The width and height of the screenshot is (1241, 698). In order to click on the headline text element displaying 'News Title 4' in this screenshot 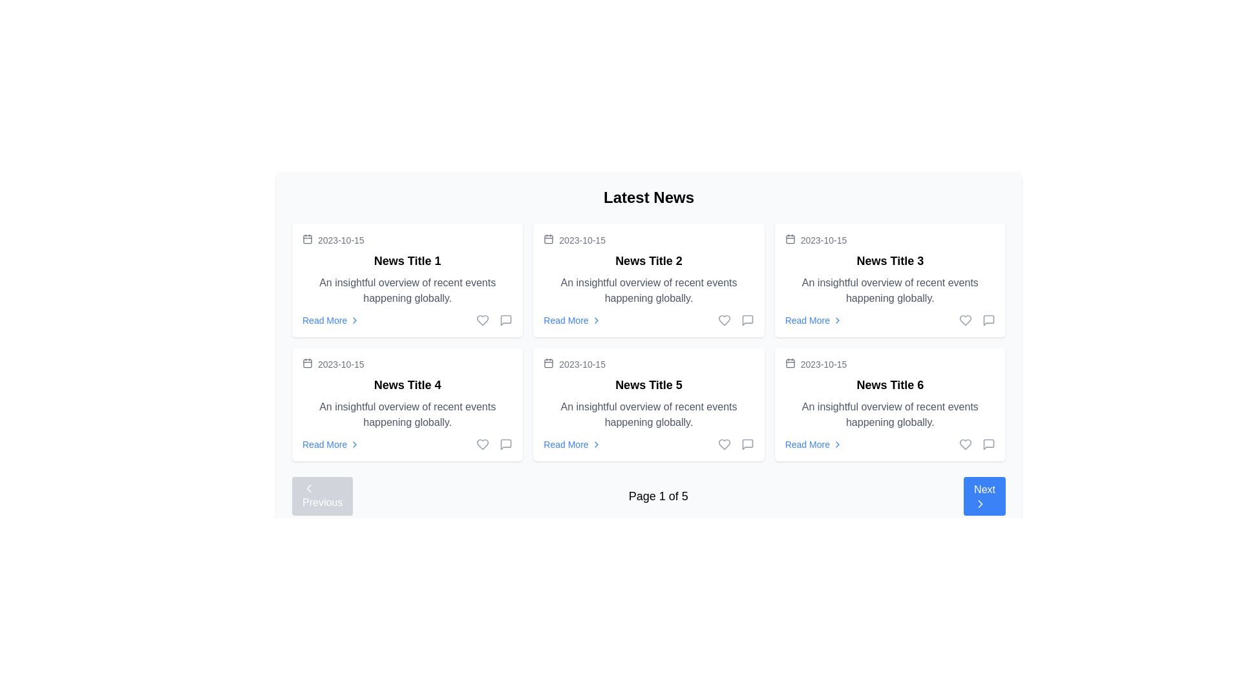, I will do `click(407, 385)`.